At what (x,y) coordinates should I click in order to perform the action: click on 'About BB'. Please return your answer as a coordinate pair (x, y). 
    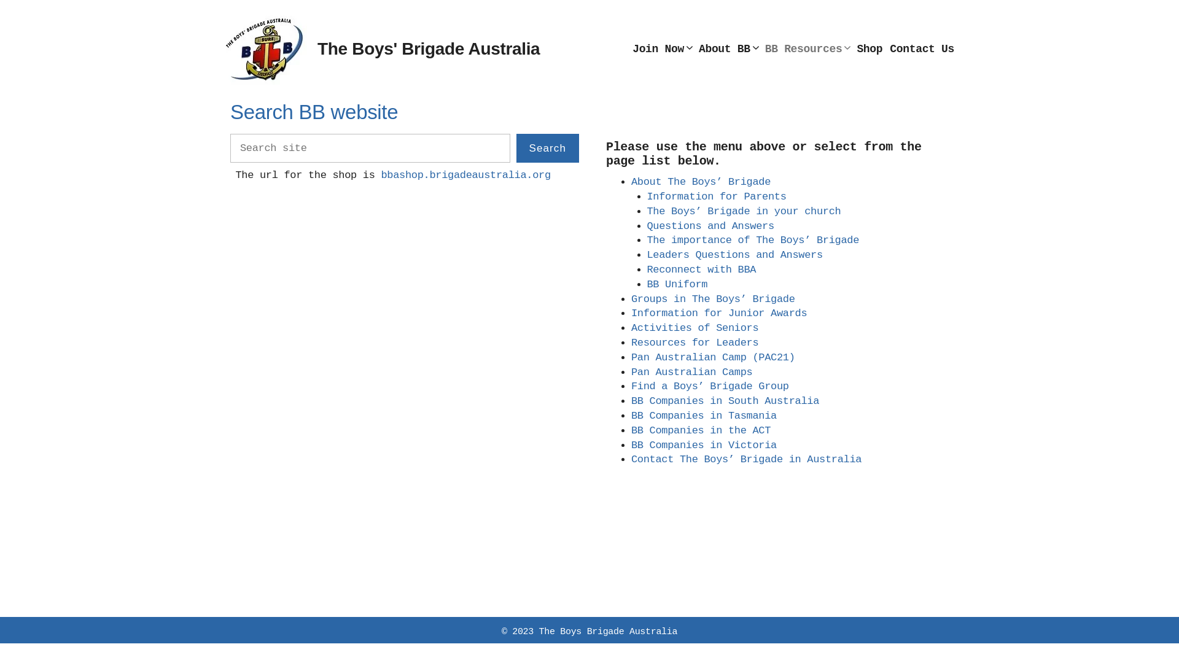
    Looking at the image, I should click on (728, 48).